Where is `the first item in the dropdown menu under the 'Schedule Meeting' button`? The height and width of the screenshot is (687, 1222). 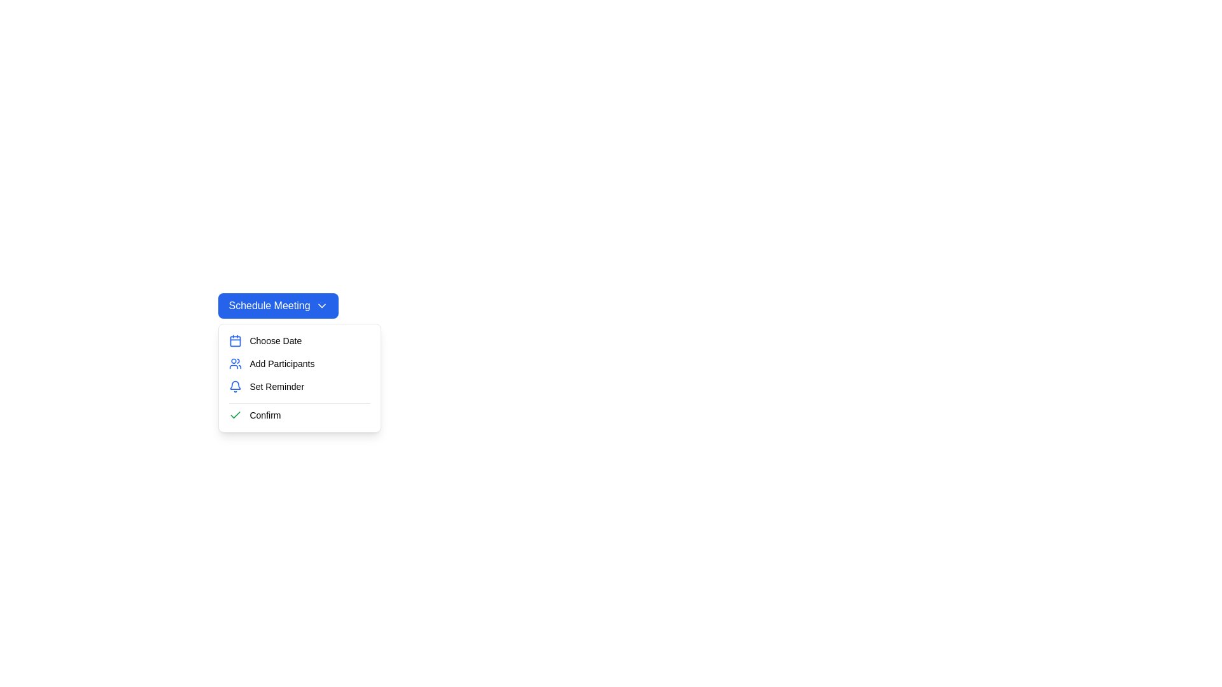
the first item in the dropdown menu under the 'Schedule Meeting' button is located at coordinates (299, 340).